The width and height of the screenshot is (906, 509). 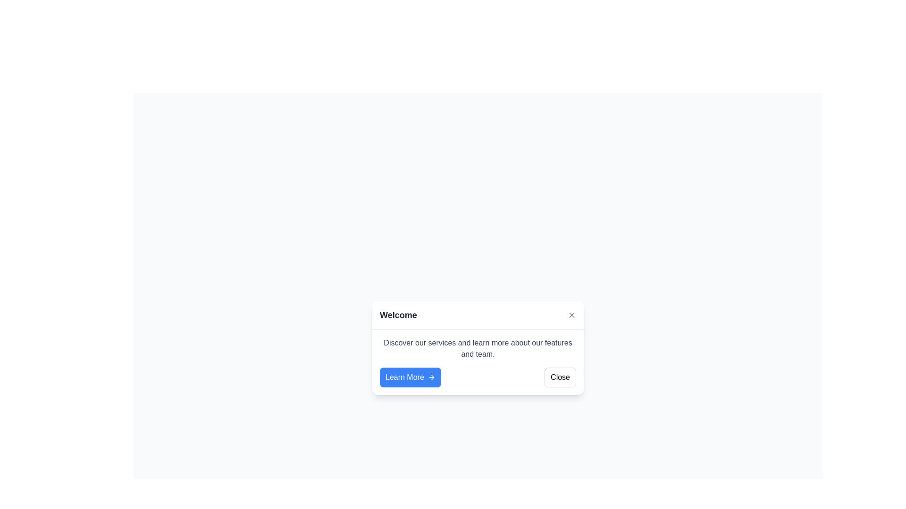 What do you see at coordinates (571, 315) in the screenshot?
I see `the small, non-filled 'X' icon resembling two intersecting lines in the top-right corner of the modal dialog box` at bounding box center [571, 315].